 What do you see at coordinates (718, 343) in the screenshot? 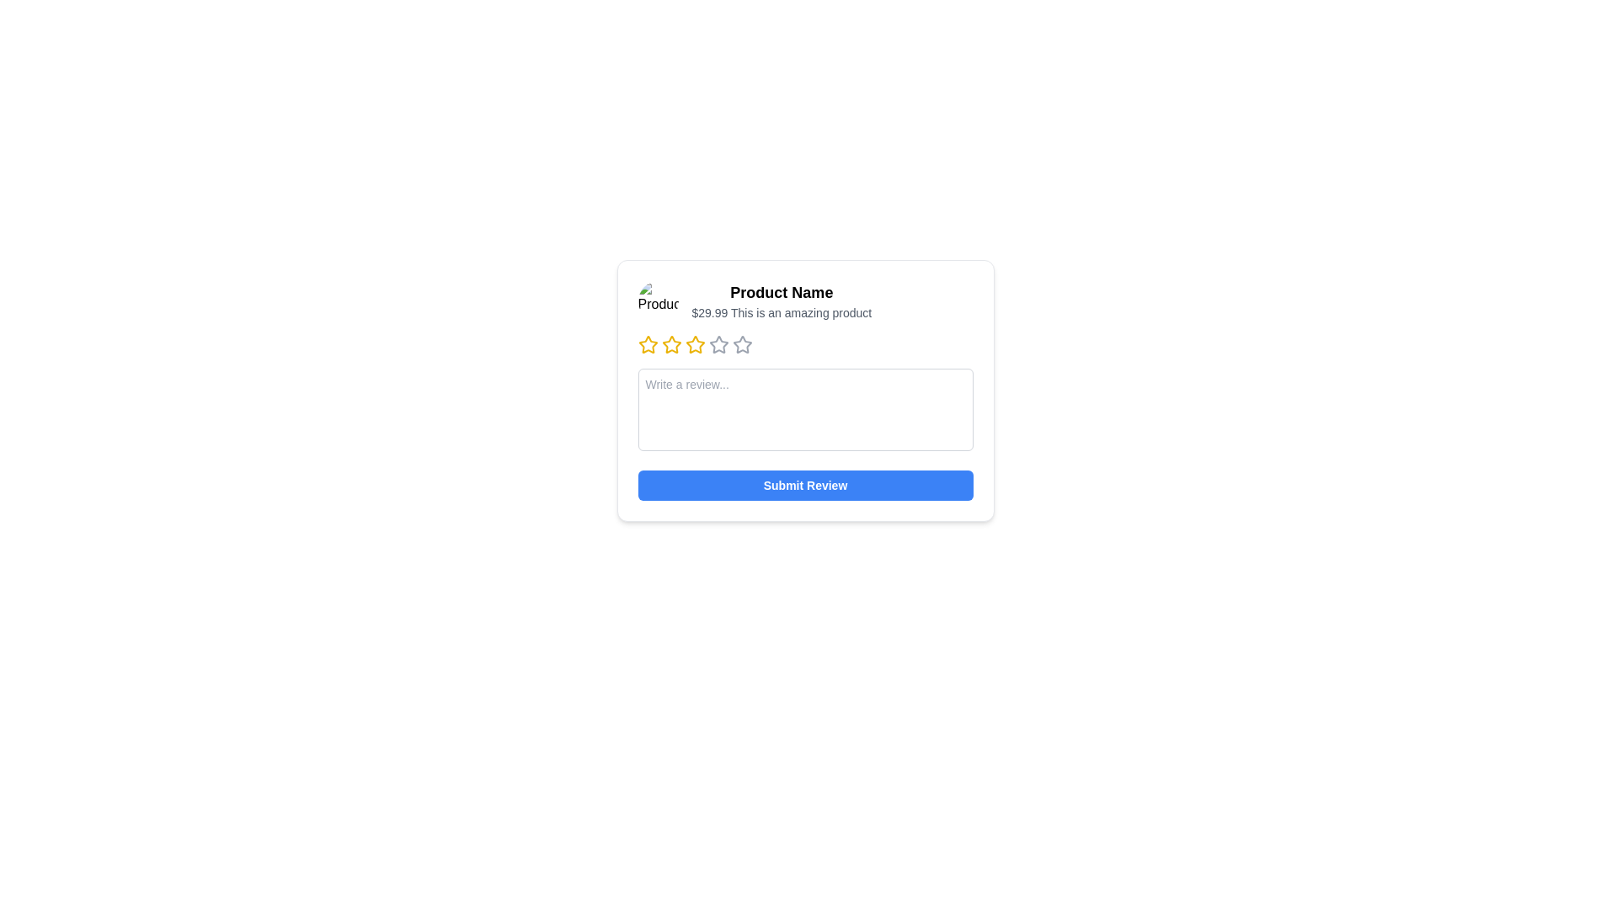
I see `the fourth rating star in the review interface` at bounding box center [718, 343].